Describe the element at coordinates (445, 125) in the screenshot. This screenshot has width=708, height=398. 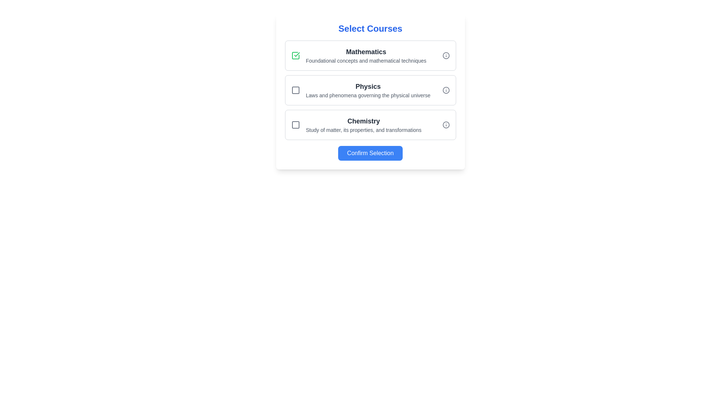
I see `the SVG Circle element that is part of the information icon next to the 'Chemistry' course option in the course list` at that location.